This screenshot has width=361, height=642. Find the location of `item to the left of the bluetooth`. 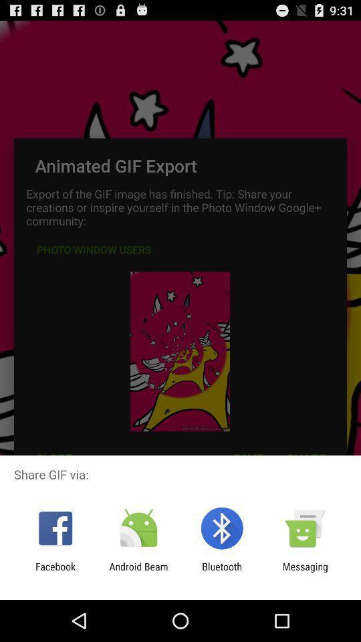

item to the left of the bluetooth is located at coordinates (138, 572).